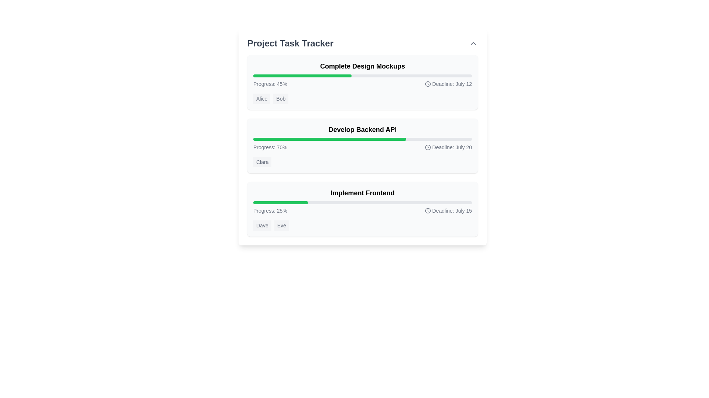 Image resolution: width=709 pixels, height=398 pixels. Describe the element at coordinates (363, 83) in the screenshot. I see `the Status indicator that shows 'Progress: 45%' on the left and 'Deadline: July 12' on the right, which is located below the progress bar and above the contributors 'Alice' and 'Bob'` at that location.